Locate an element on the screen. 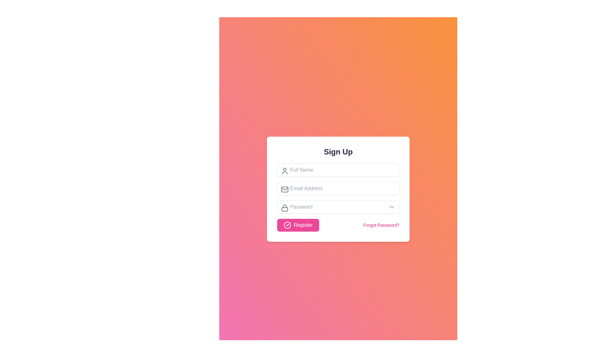  the leftmost button at the bottom of the 'Sign Up' card is located at coordinates (298, 225).